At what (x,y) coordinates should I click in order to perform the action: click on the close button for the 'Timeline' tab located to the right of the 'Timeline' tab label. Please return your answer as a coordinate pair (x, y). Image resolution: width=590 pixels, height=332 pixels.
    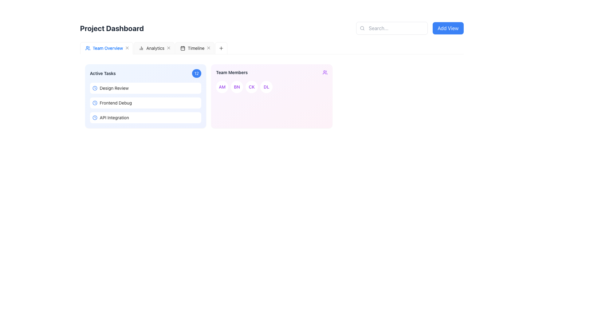
    Looking at the image, I should click on (209, 48).